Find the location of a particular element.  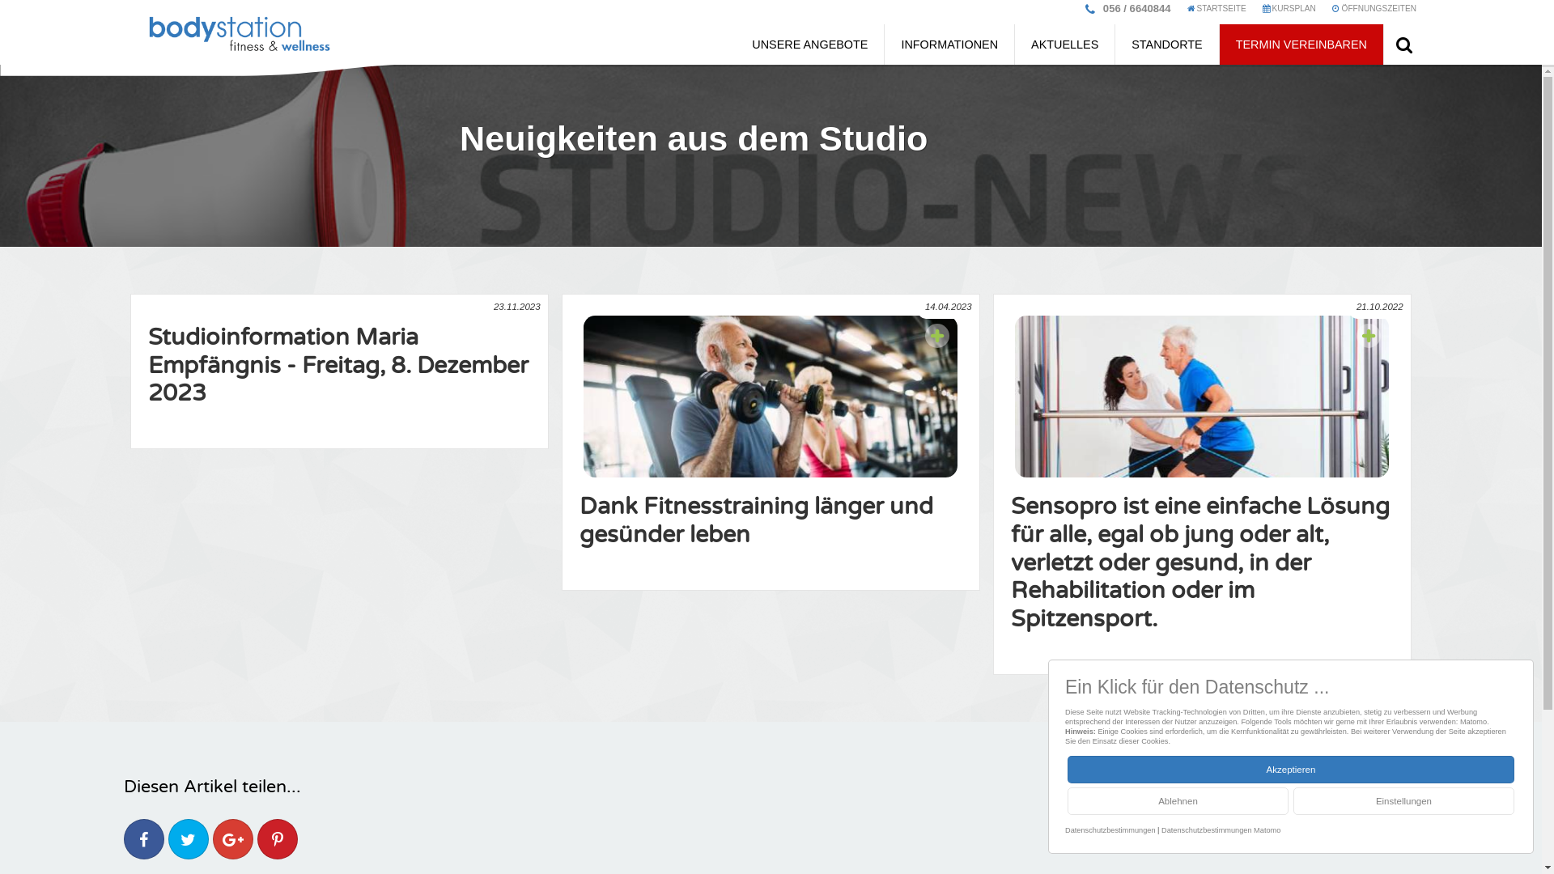

'TERMIN VEREINBAREN' is located at coordinates (1301, 43).